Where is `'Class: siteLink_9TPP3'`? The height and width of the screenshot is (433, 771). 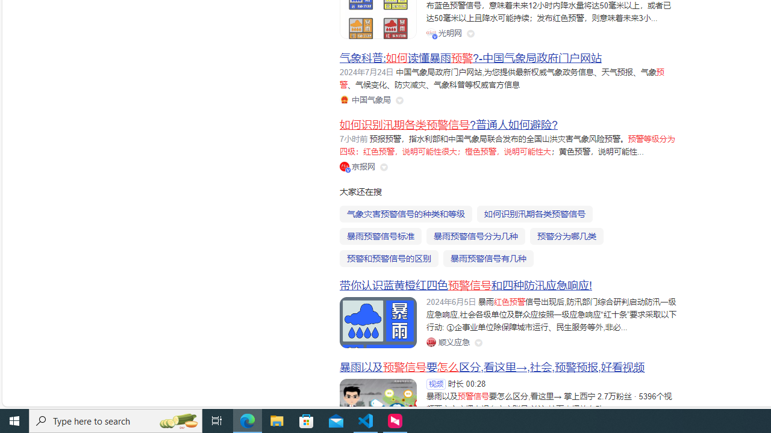
'Class: siteLink_9TPP3' is located at coordinates (447, 342).